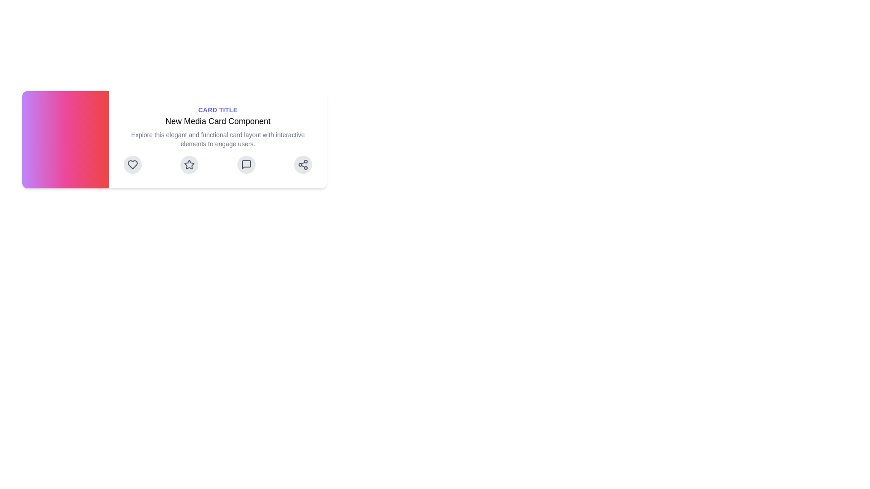  Describe the element at coordinates (246, 164) in the screenshot. I see `the speech bubble icon within the circular button, which is the third button from the left in the row of buttons beneath the main card content` at that location.